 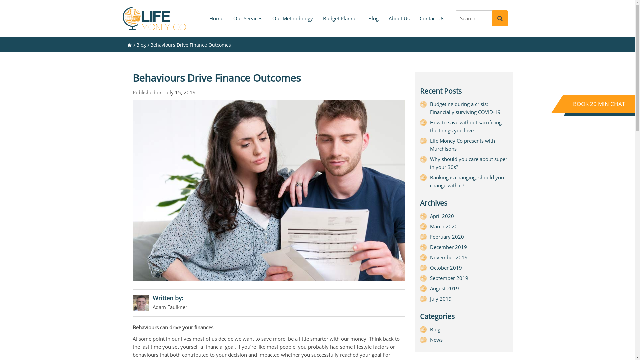 I want to click on 'Our Methodology', so click(x=293, y=18).